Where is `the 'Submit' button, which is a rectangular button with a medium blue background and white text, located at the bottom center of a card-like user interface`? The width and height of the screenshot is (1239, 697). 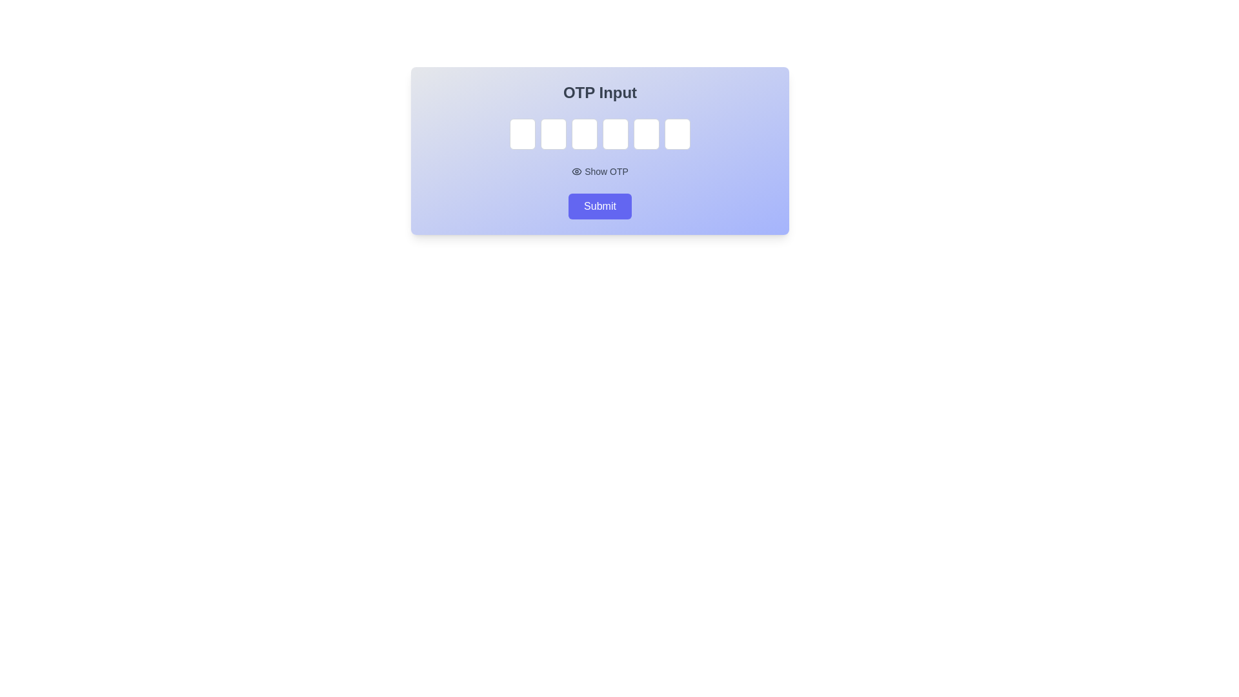
the 'Submit' button, which is a rectangular button with a medium blue background and white text, located at the bottom center of a card-like user interface is located at coordinates (599, 206).